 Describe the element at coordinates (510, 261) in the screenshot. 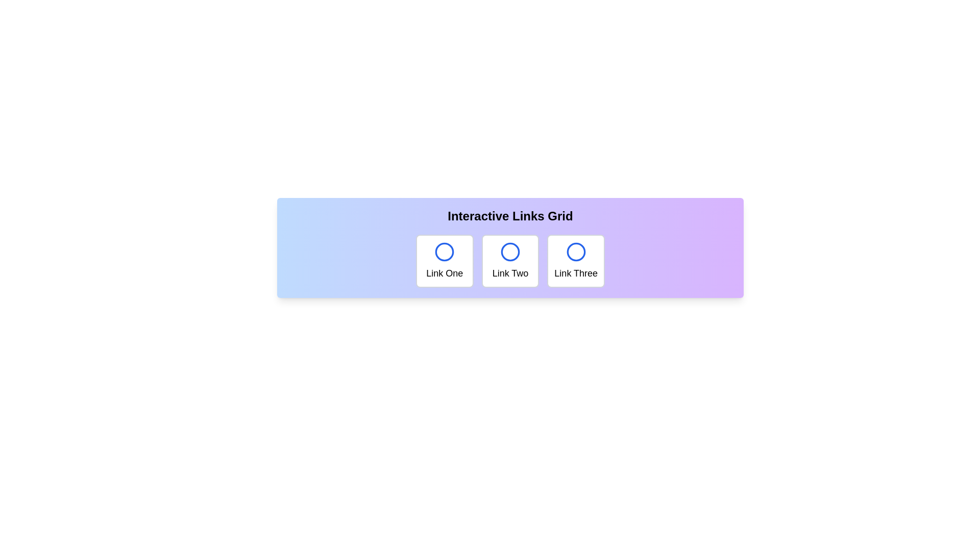

I see `the second card link element in the grid` at that location.